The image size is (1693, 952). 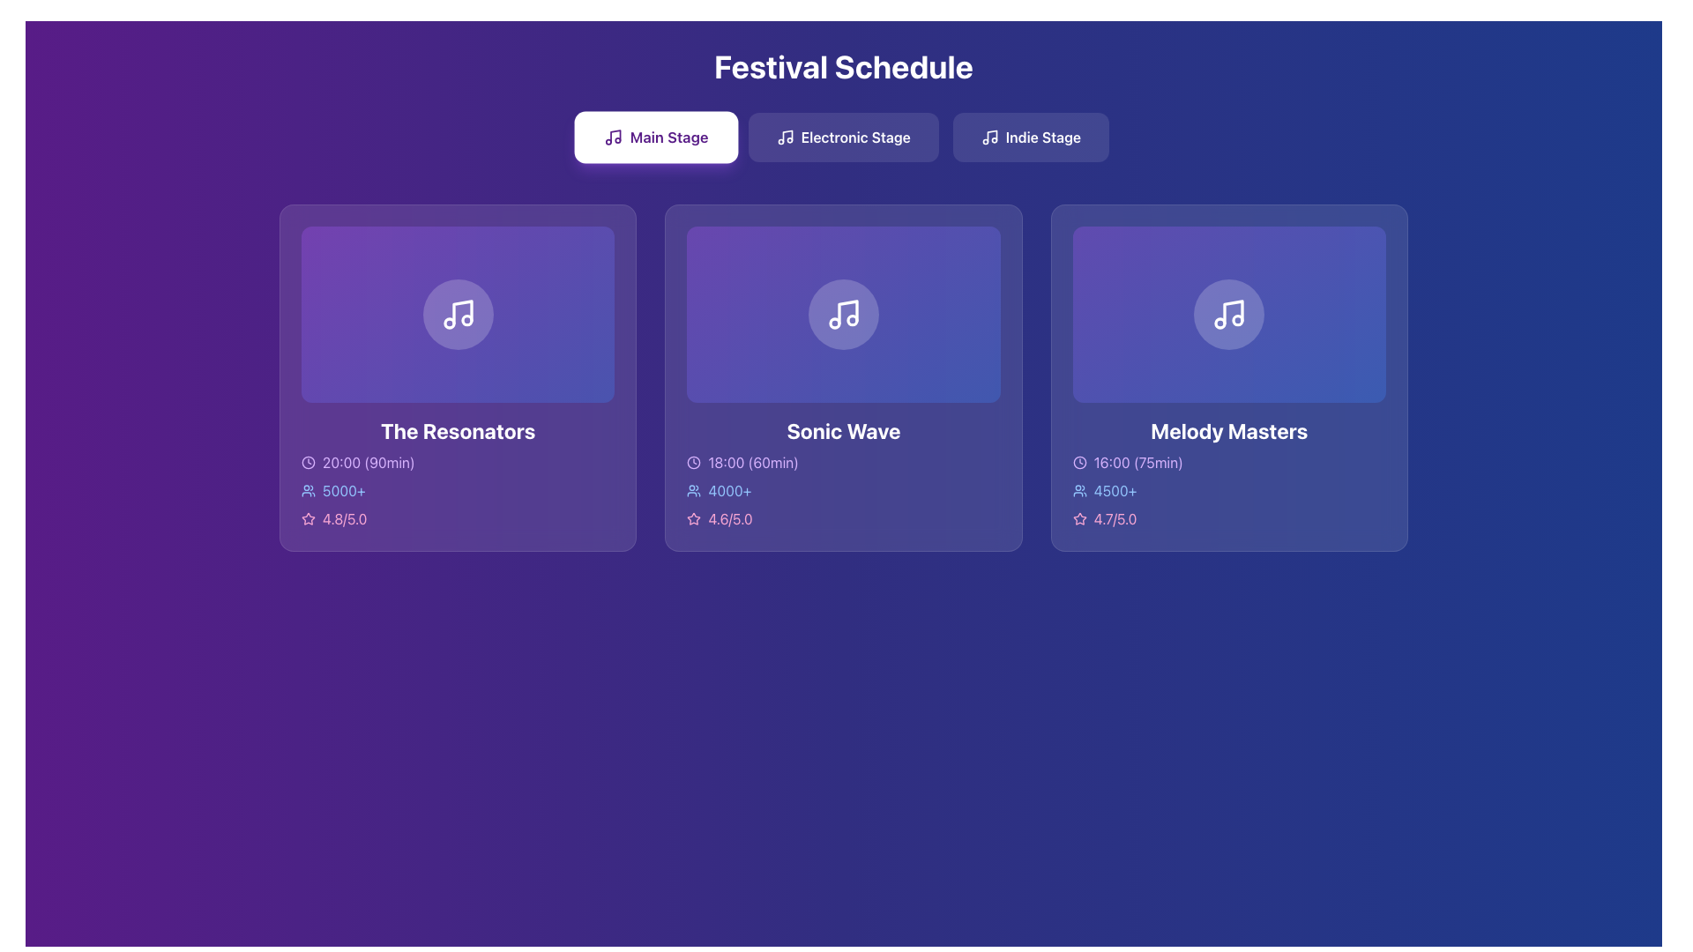 What do you see at coordinates (1227, 312) in the screenshot?
I see `the 'Melody Masters' event card` at bounding box center [1227, 312].